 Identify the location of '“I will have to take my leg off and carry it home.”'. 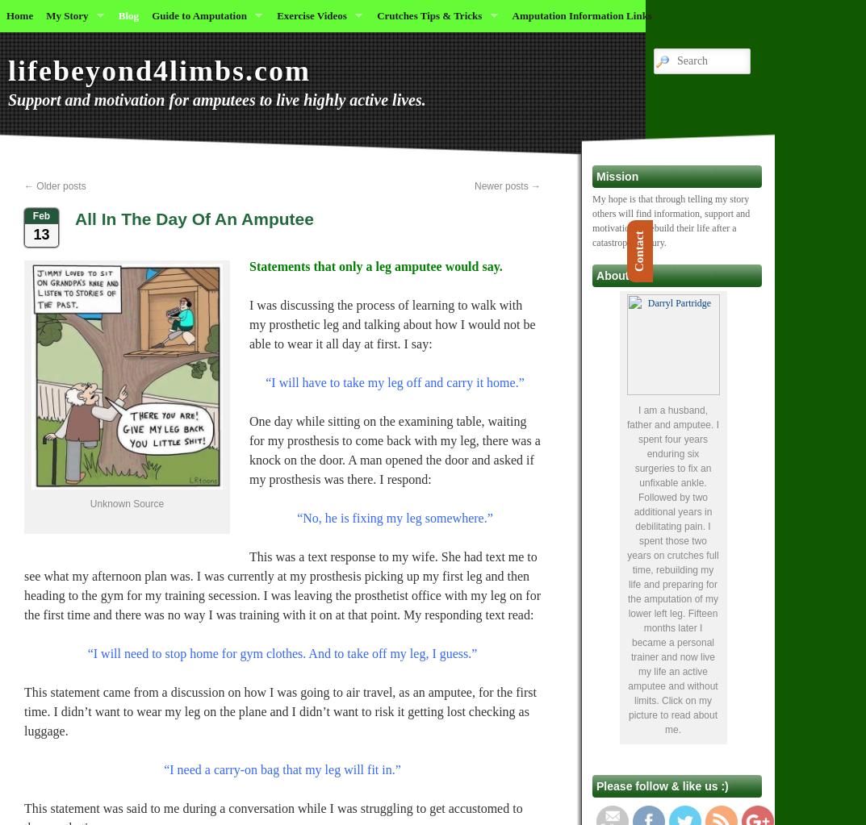
(265, 382).